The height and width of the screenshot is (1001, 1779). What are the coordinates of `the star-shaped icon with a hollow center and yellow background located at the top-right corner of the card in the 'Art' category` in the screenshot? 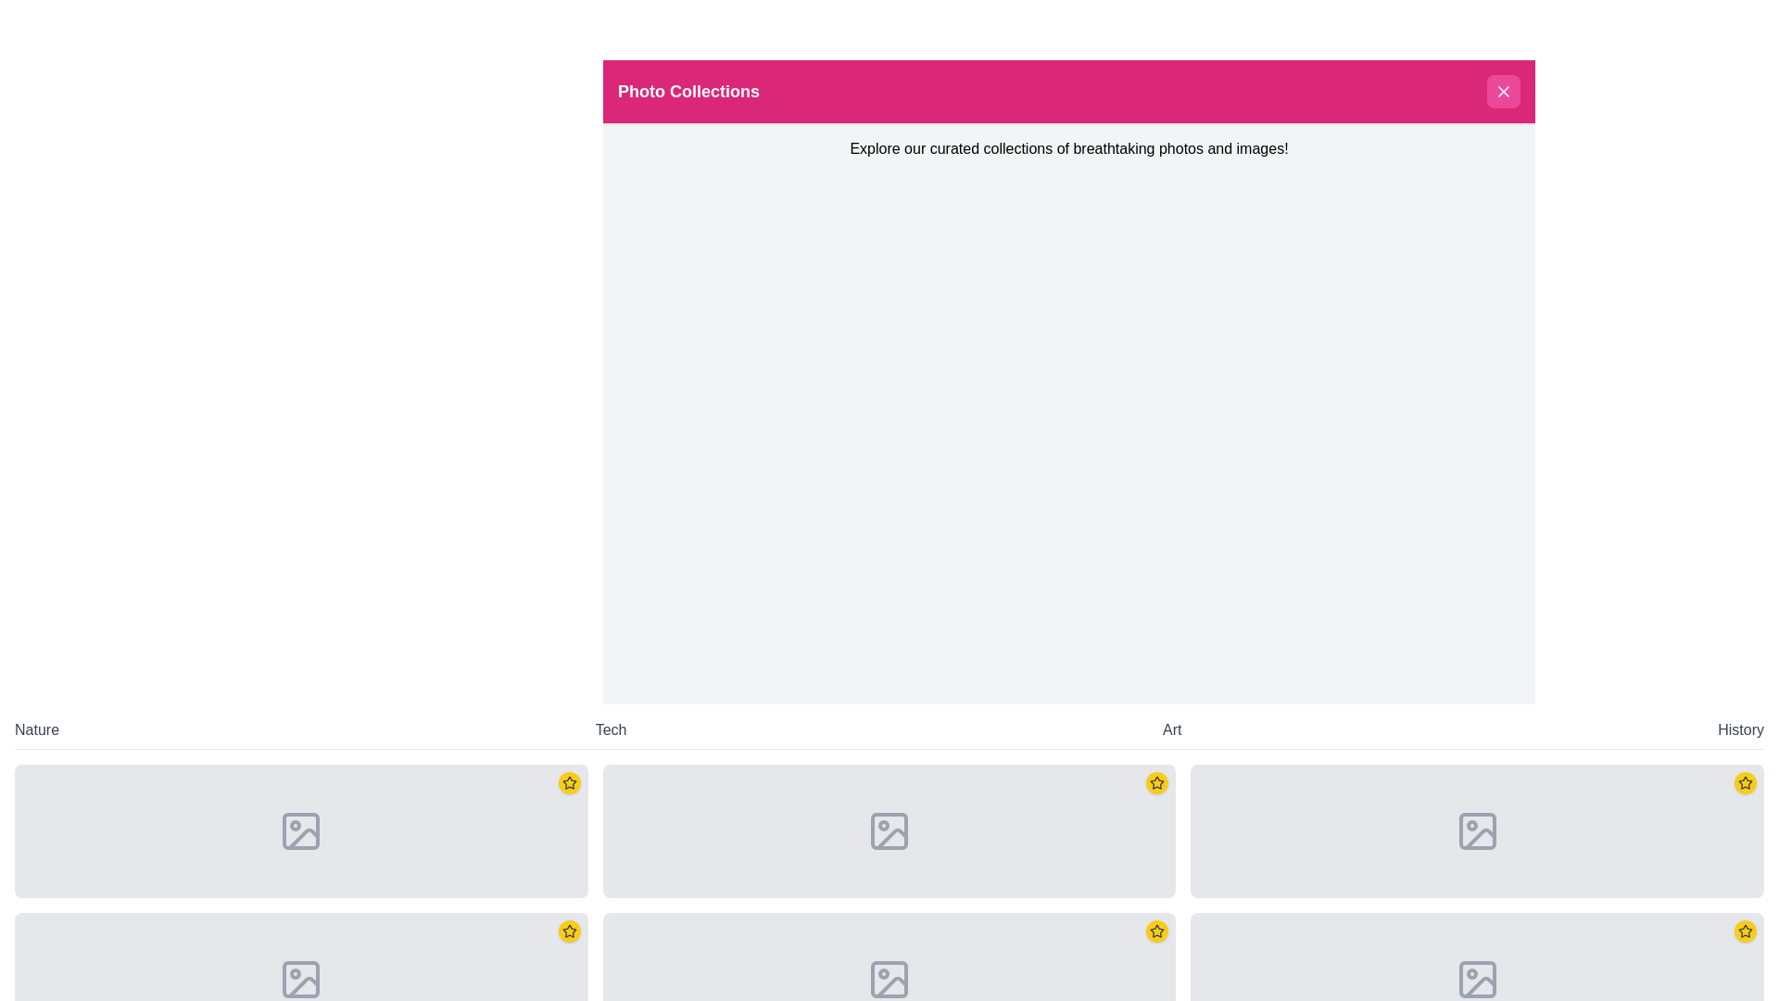 It's located at (1156, 782).